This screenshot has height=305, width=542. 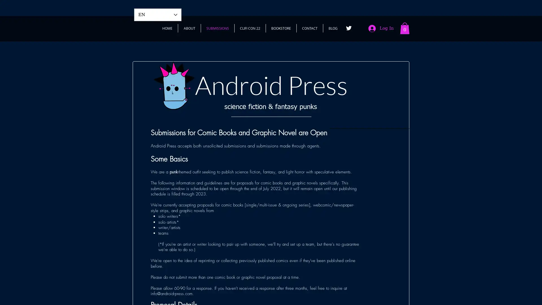 What do you see at coordinates (381, 28) in the screenshot?
I see `Log In` at bounding box center [381, 28].